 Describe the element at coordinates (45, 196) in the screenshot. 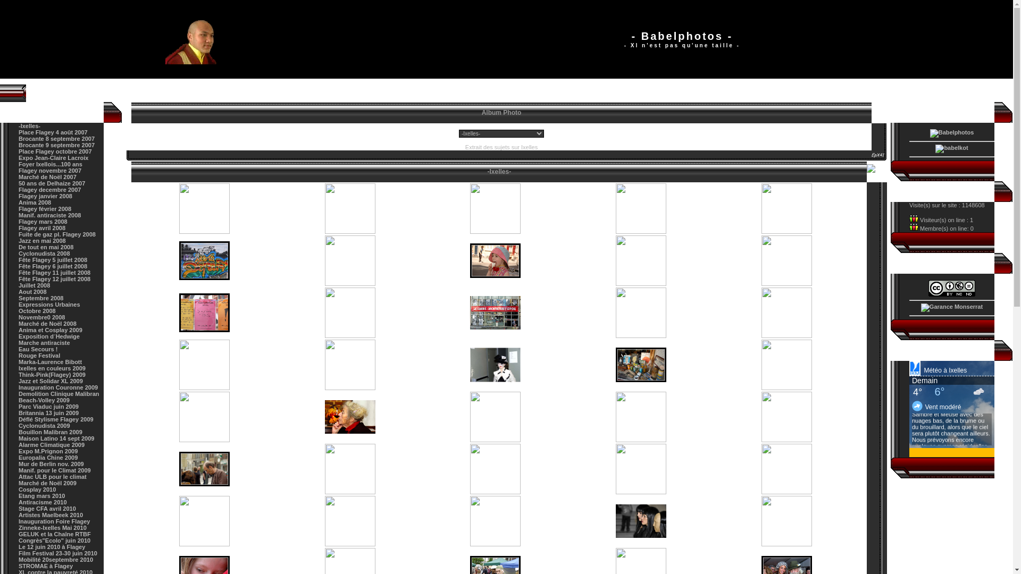

I see `'Flagey janvier 2008'` at that location.